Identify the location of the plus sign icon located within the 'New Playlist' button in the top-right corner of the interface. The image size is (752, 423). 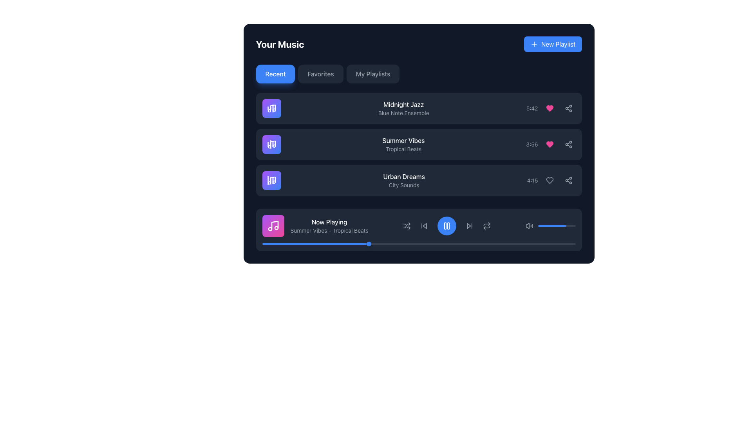
(533, 44).